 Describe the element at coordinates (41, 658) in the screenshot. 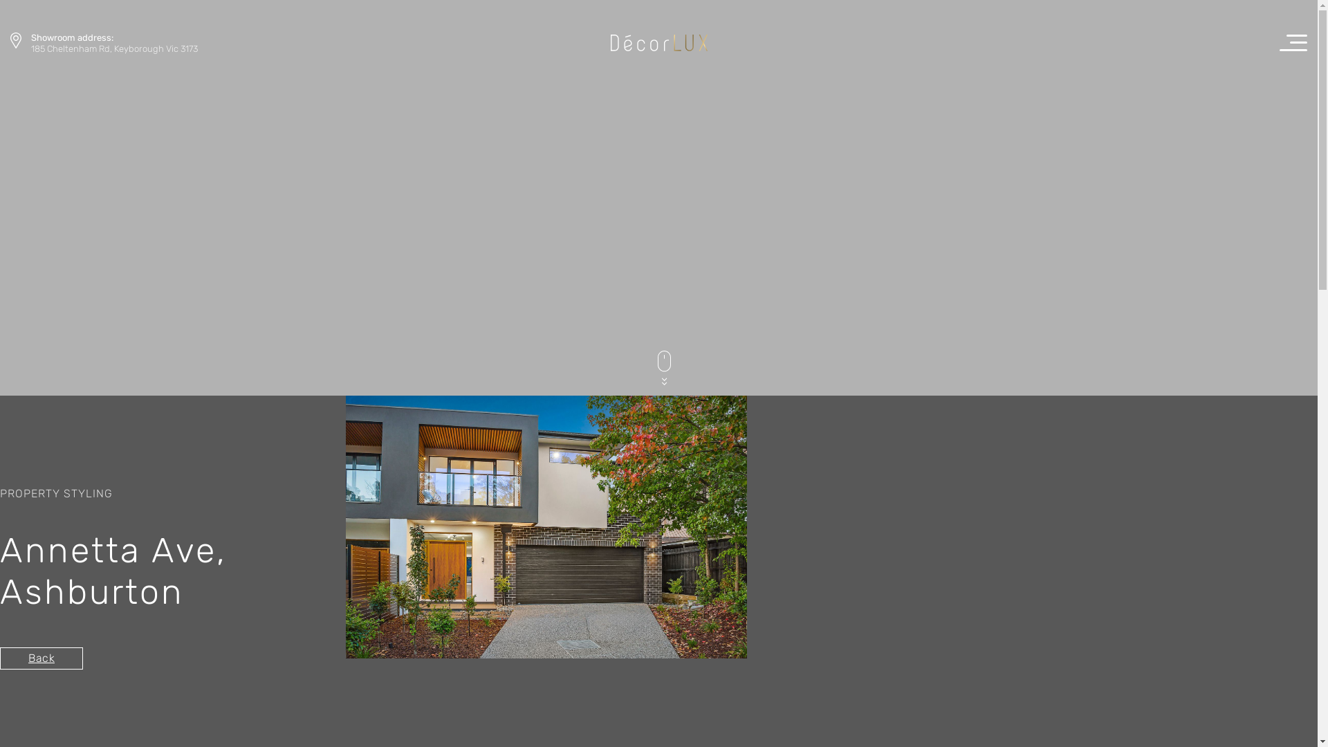

I see `'Back'` at that location.